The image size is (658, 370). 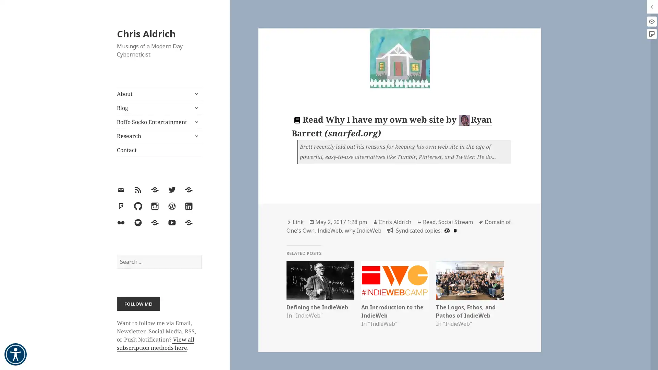 I want to click on expand child menu, so click(x=195, y=94).